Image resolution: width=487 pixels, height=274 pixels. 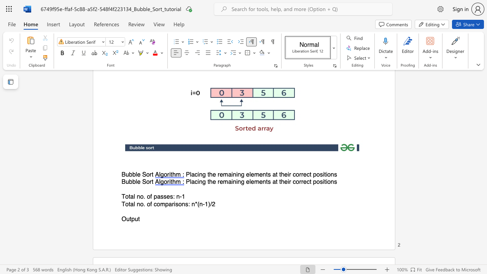 What do you see at coordinates (152, 175) in the screenshot?
I see `the 1th character "t" in the text` at bounding box center [152, 175].